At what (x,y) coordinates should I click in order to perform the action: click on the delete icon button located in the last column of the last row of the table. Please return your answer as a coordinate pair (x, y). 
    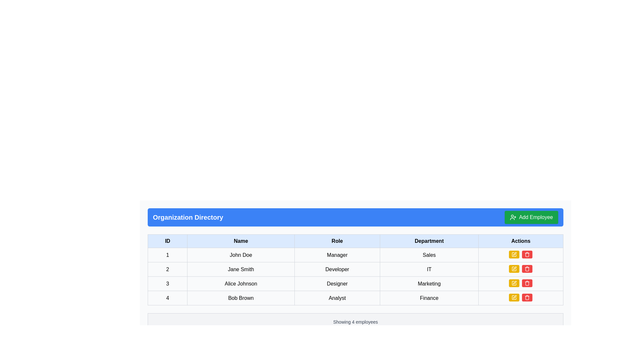
    Looking at the image, I should click on (527, 254).